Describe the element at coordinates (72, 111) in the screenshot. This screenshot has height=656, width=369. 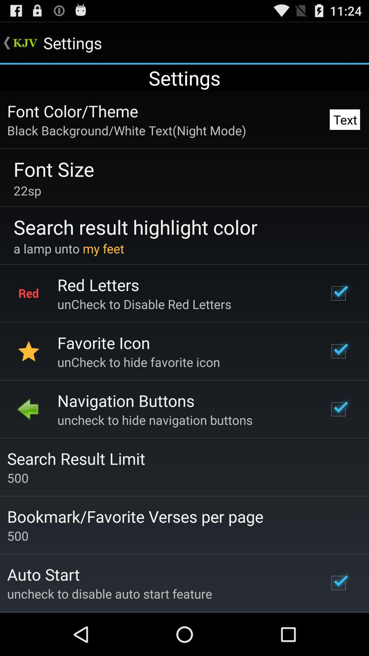
I see `font color/theme icon` at that location.